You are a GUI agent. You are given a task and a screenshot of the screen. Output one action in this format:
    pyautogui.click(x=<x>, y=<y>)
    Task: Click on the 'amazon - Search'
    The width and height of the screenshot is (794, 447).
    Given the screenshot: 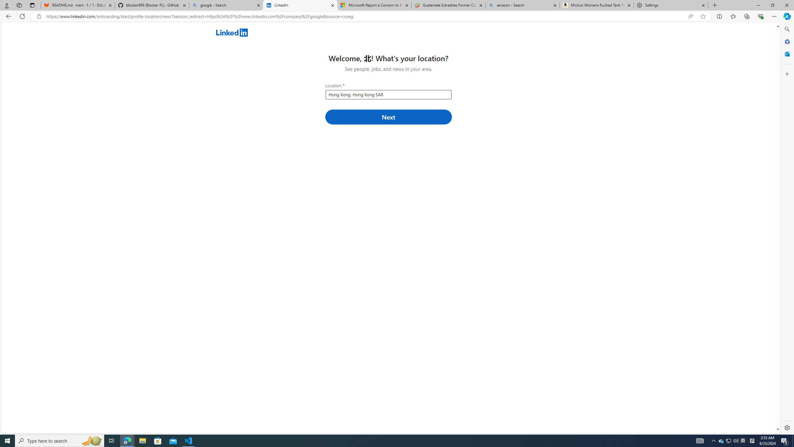 What is the action you would take?
    pyautogui.click(x=522, y=5)
    